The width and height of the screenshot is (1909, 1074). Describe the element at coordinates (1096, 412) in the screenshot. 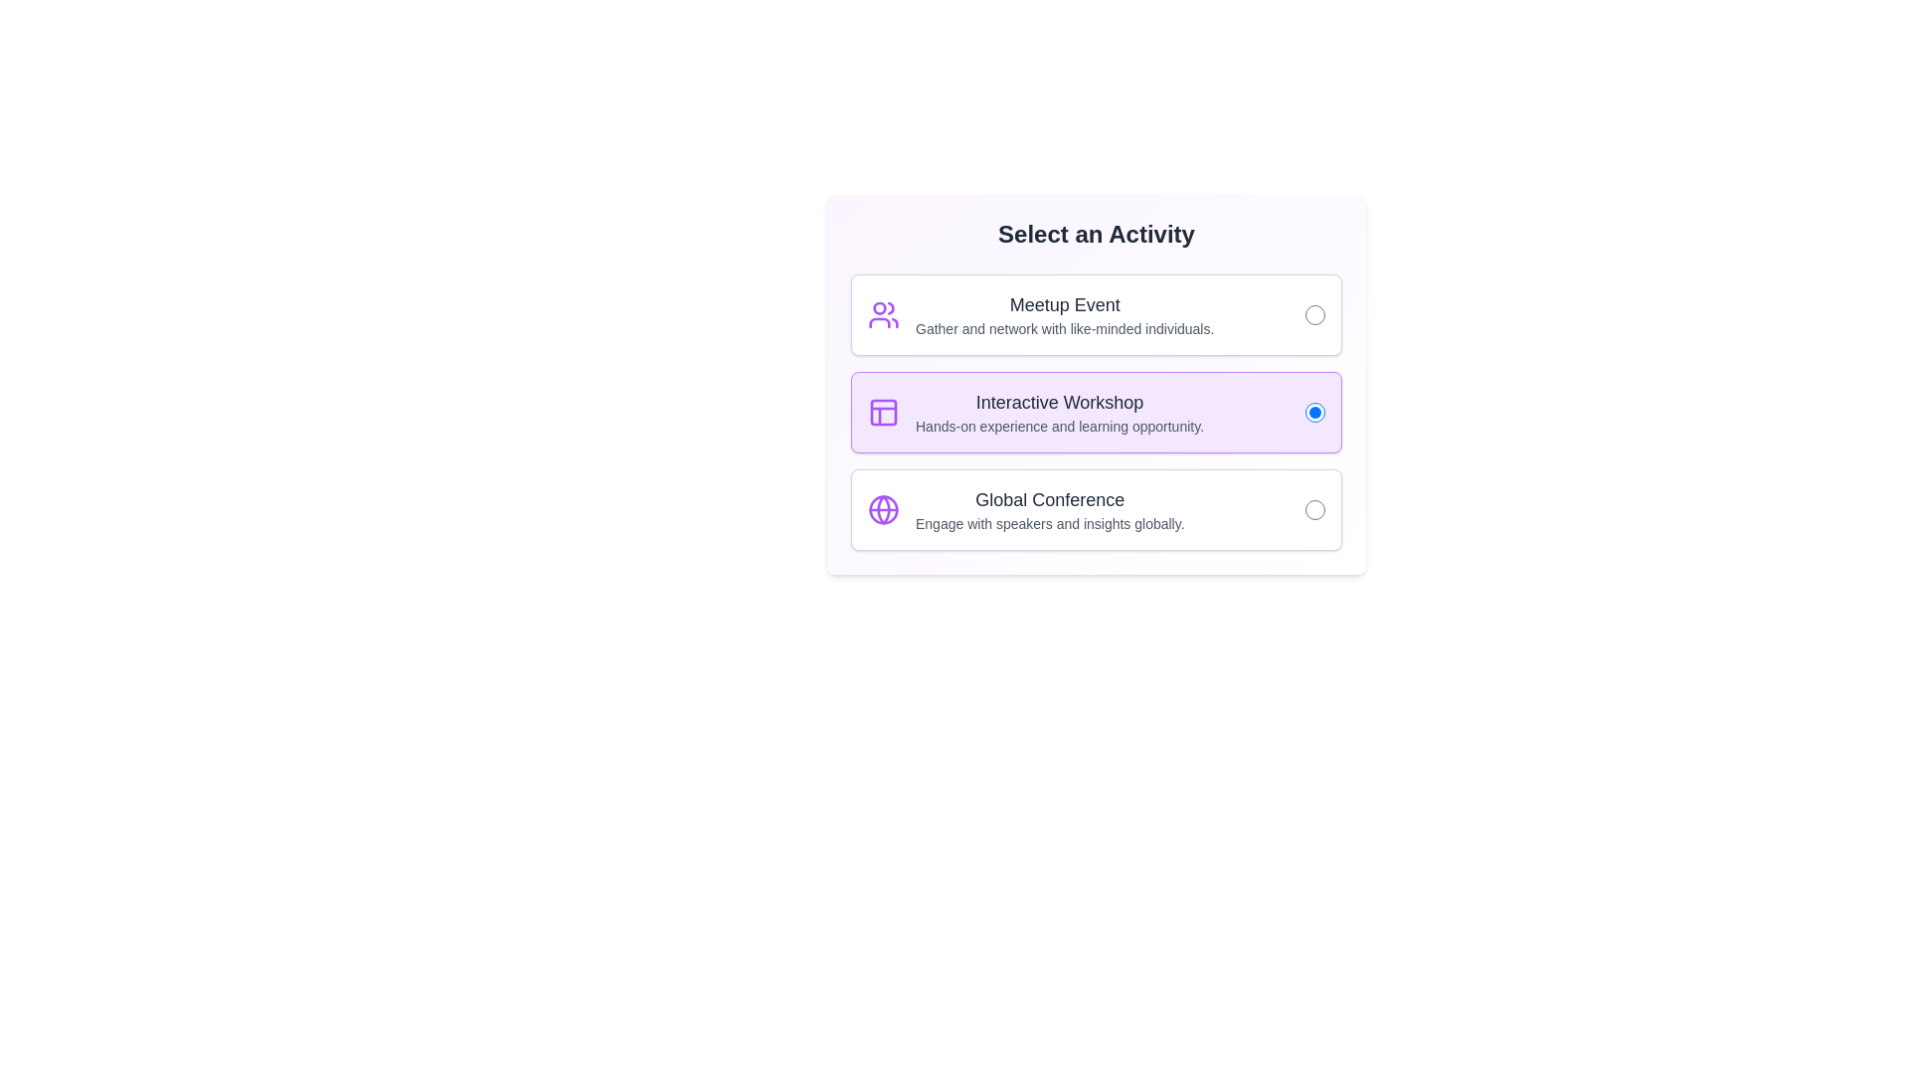

I see `the second selectable list item with a radio button for user interaction, which represents an interactive workshop choice in the 'Select an Activity' card interface` at that location.